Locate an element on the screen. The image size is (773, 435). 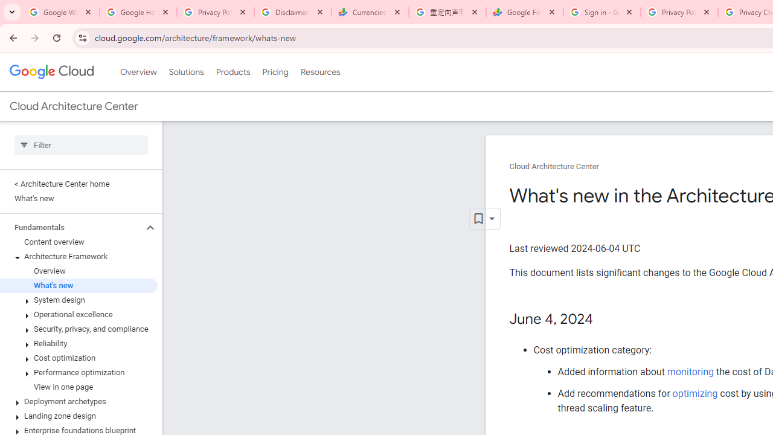
'monitoring' is located at coordinates (690, 371).